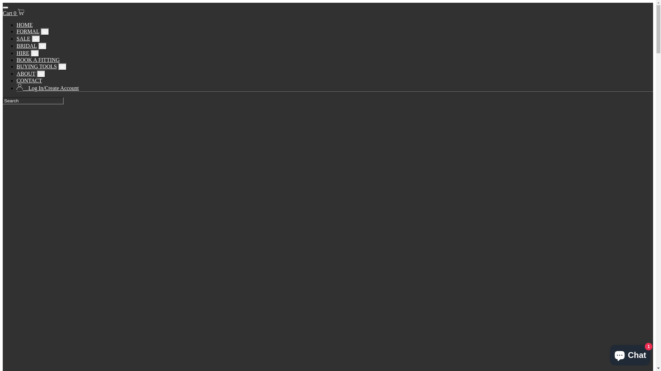 The width and height of the screenshot is (661, 371). I want to click on 'BRIDAL', so click(17, 46).